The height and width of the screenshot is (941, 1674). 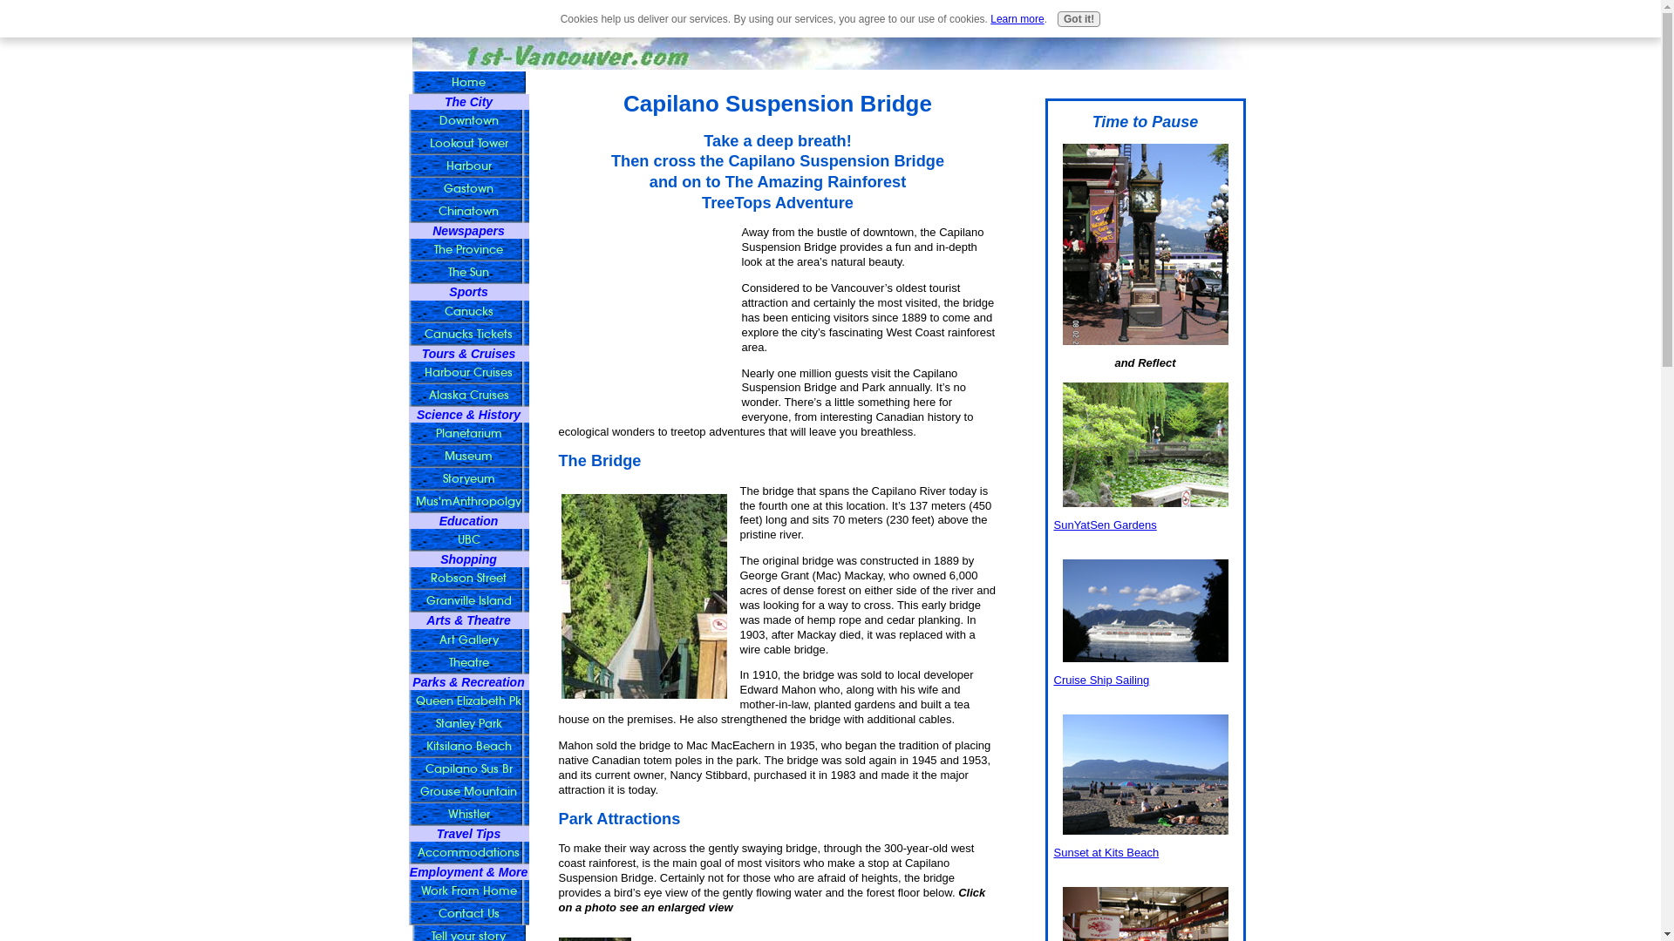 What do you see at coordinates (468, 188) in the screenshot?
I see `'Gastown'` at bounding box center [468, 188].